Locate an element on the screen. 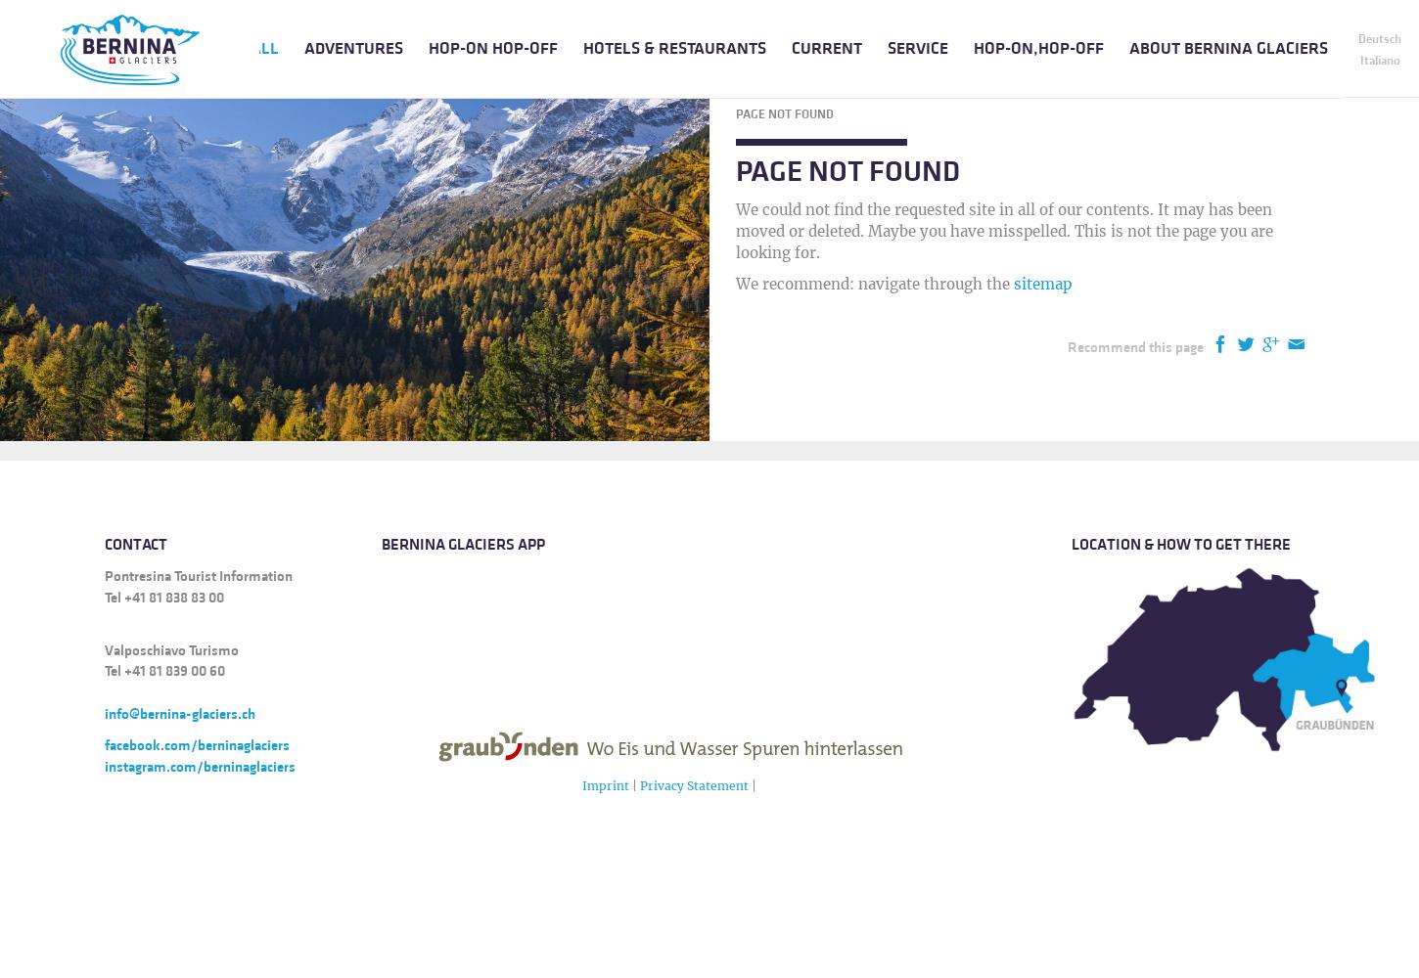 The image size is (1419, 978). 'Pontresina Tourist Information' is located at coordinates (198, 574).